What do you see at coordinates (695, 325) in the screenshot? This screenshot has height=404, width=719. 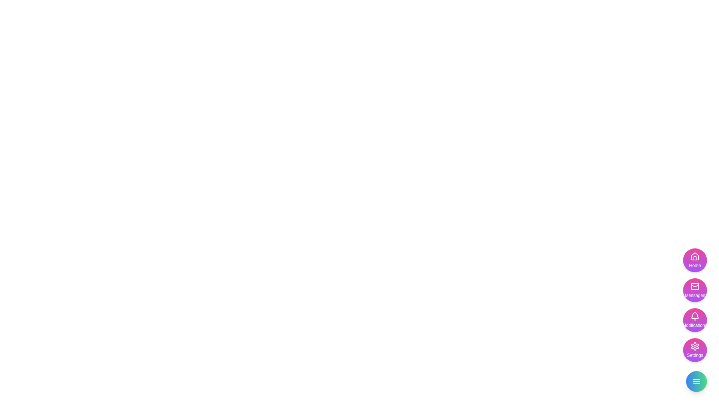 I see `the 'Notifications' text label element, which is displayed in a small, white font beneath the notification bell icon in a circular menu item with a purple-to-pink gradient background` at bounding box center [695, 325].